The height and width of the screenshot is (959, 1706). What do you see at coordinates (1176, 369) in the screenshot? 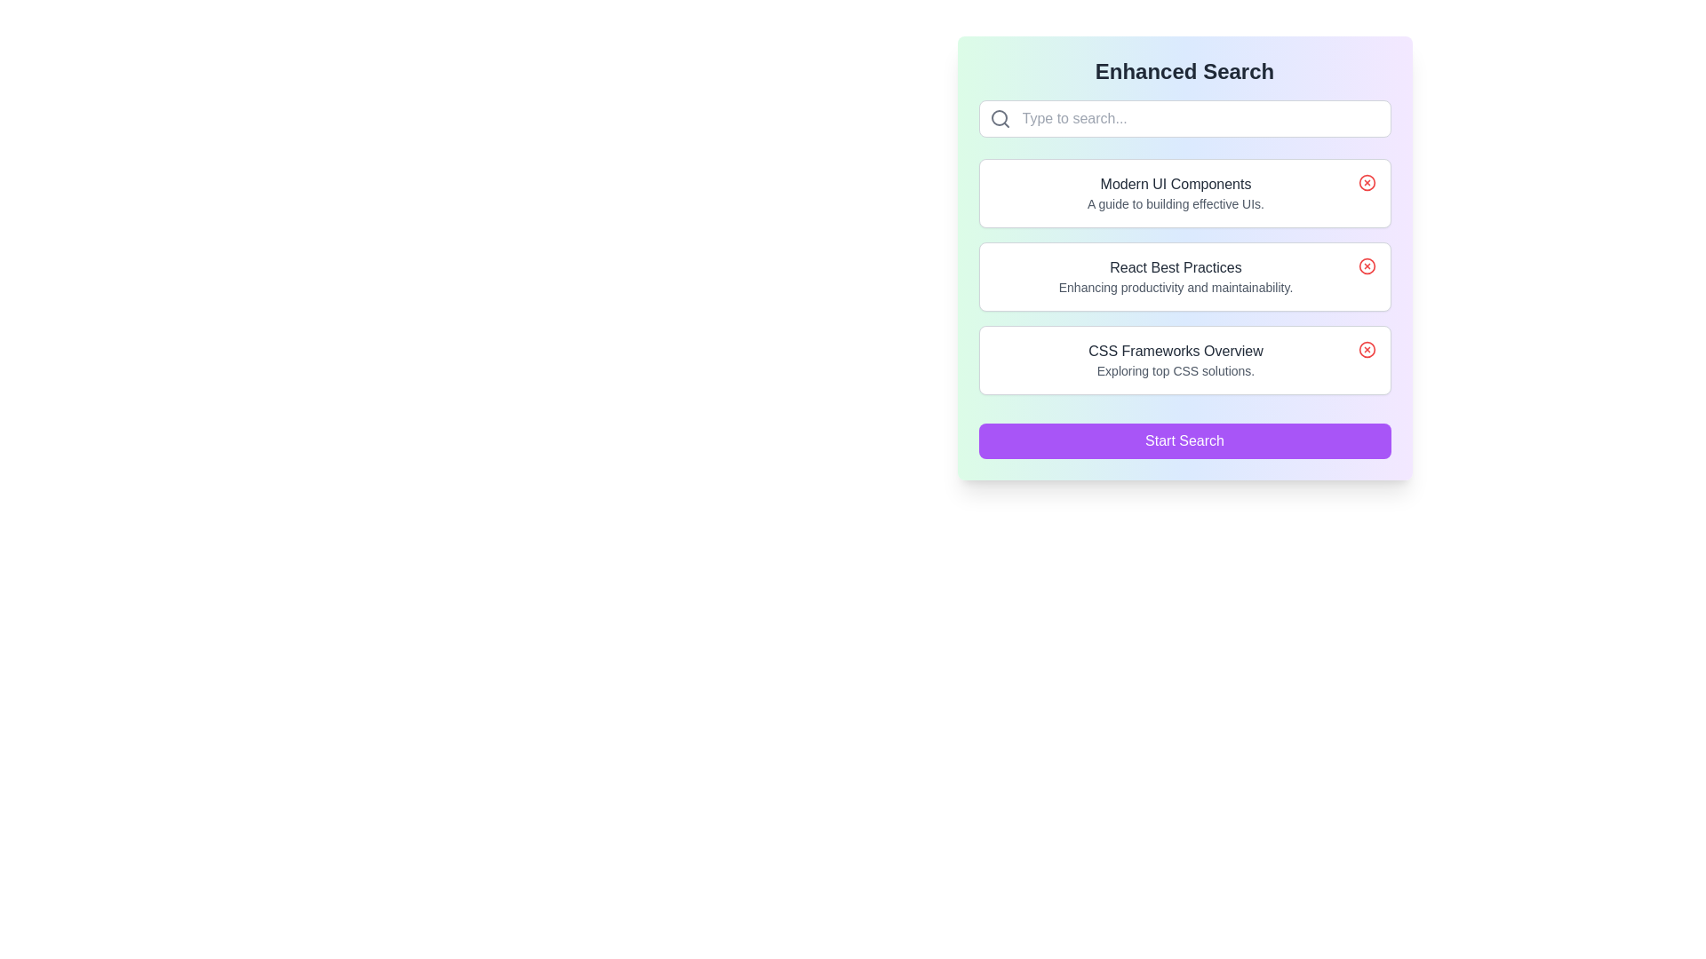
I see `text label element displaying 'Exploring top CSS solutions.' which is styled in a smaller, light gray font and located below the heading 'CSS Frameworks Overview.'` at bounding box center [1176, 369].